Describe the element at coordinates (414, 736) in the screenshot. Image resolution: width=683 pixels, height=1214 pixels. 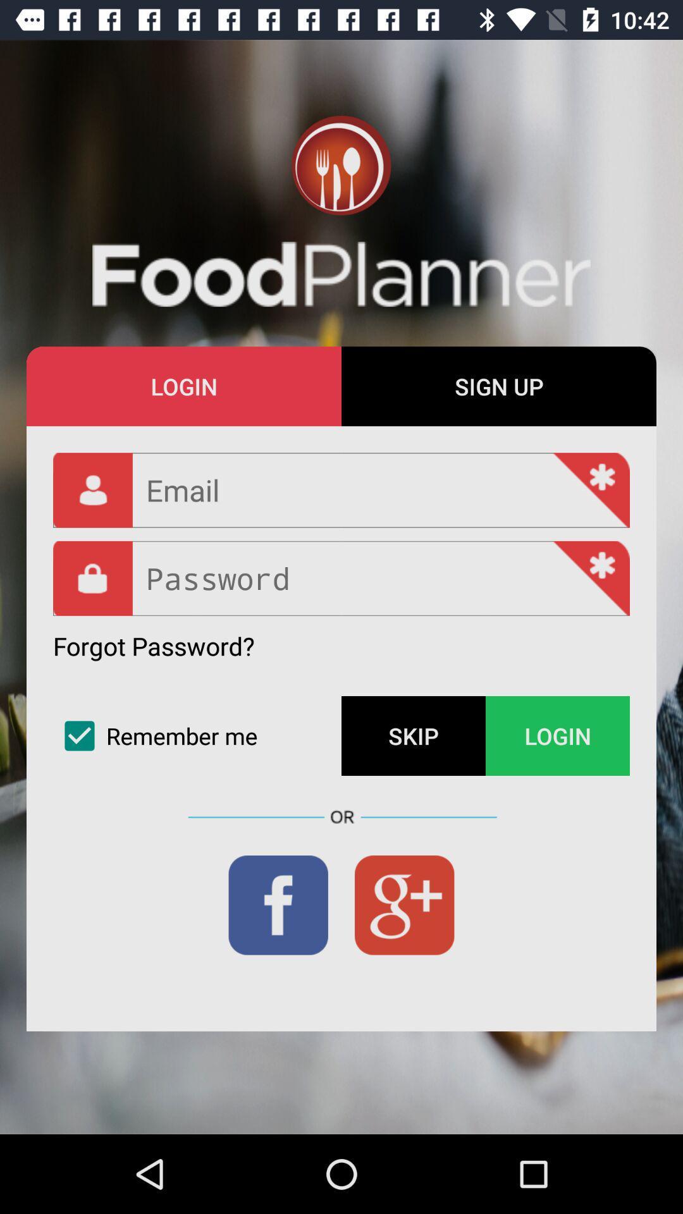
I see `the item next to the login icon` at that location.